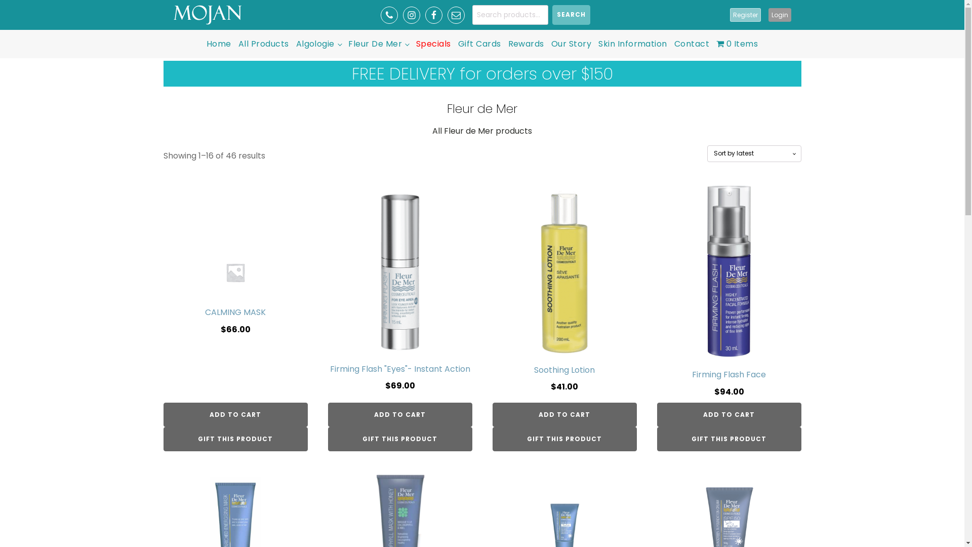  Describe the element at coordinates (779, 15) in the screenshot. I see `'Login'` at that location.